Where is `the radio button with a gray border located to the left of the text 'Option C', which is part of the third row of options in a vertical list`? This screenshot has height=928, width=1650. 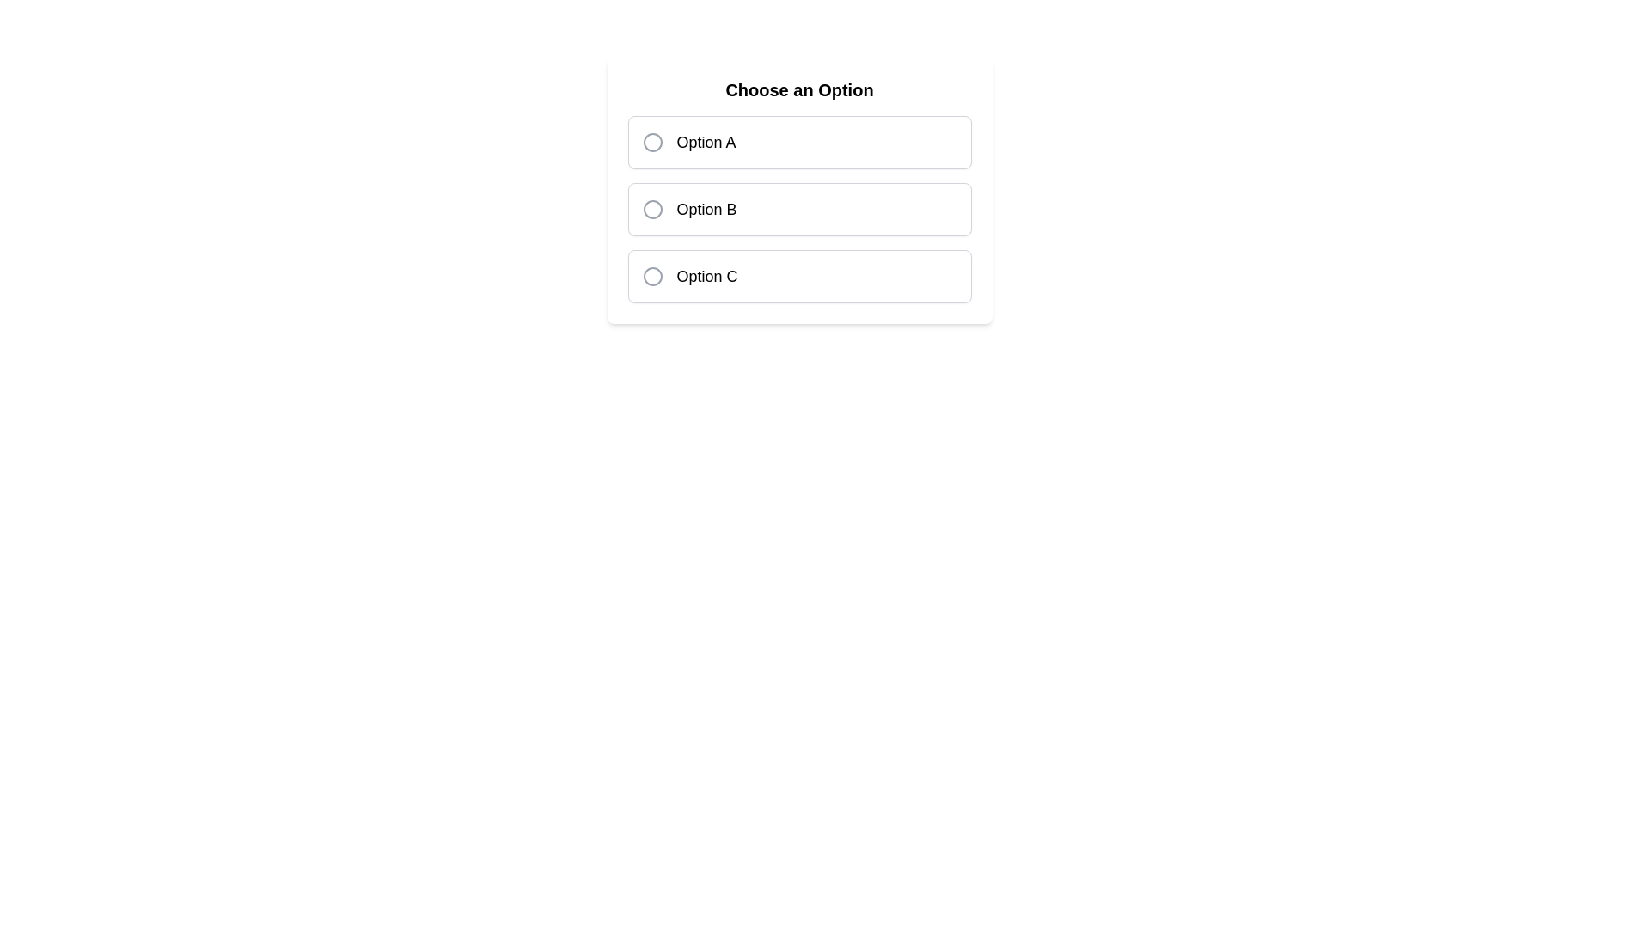 the radio button with a gray border located to the left of the text 'Option C', which is part of the third row of options in a vertical list is located at coordinates (651, 275).